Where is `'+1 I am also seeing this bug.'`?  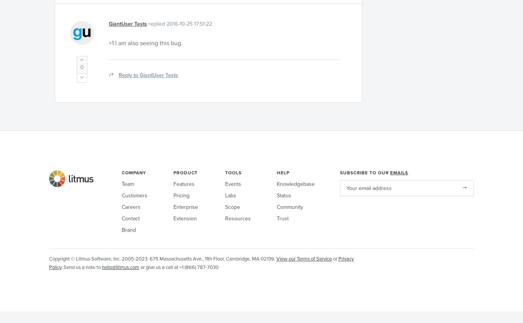
'+1 I am also seeing this bug.' is located at coordinates (108, 43).